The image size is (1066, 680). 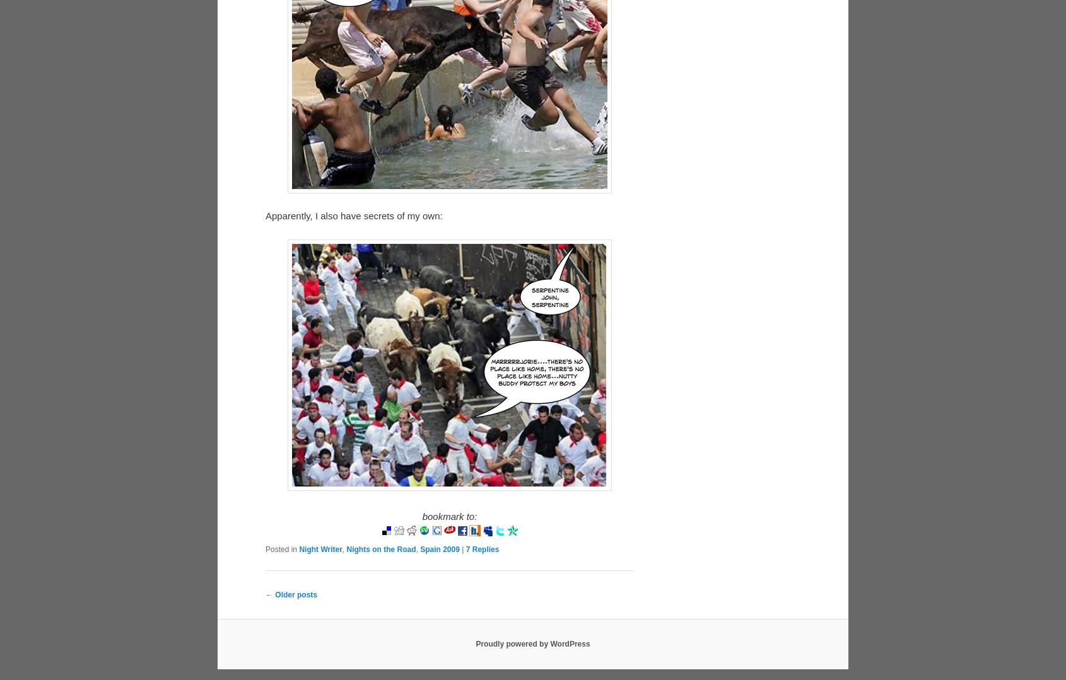 What do you see at coordinates (283, 659) in the screenshot?
I see `'Posted on'` at bounding box center [283, 659].